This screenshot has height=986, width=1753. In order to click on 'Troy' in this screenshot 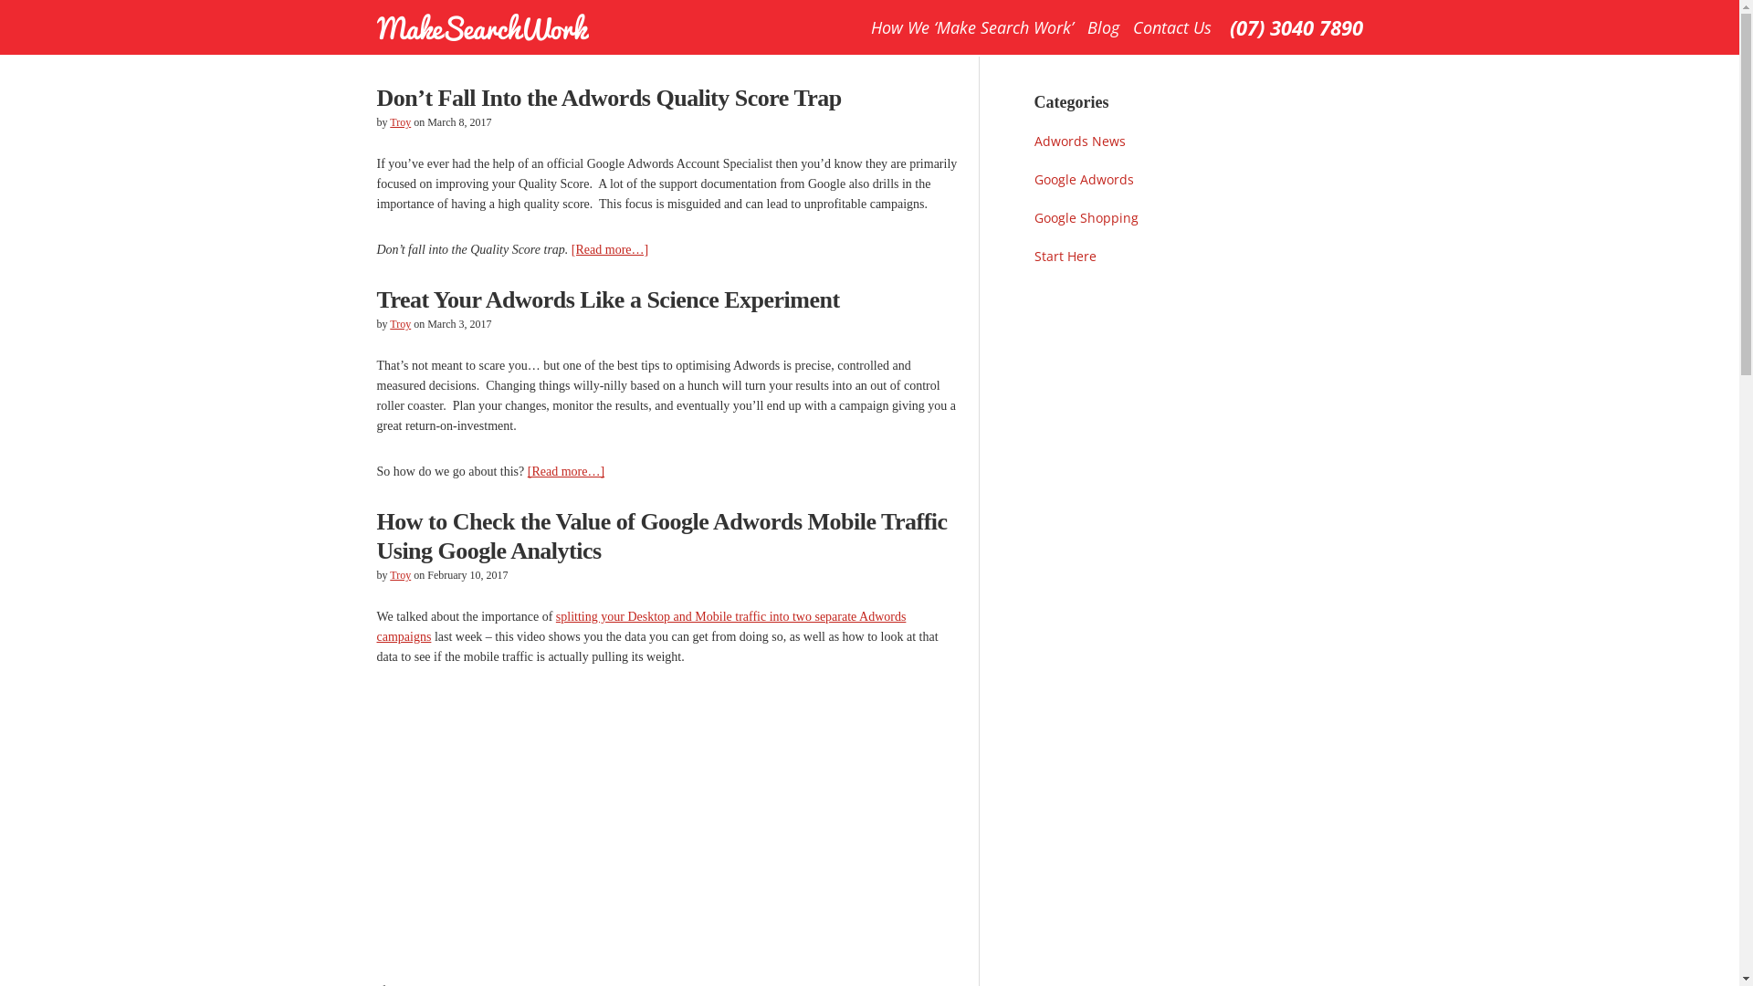, I will do `click(399, 122)`.